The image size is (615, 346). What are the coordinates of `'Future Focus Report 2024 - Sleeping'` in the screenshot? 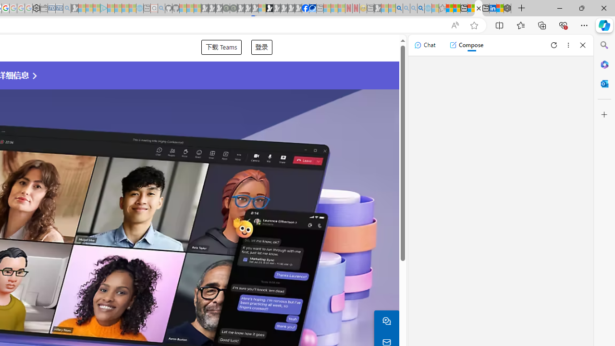 It's located at (233, 8).